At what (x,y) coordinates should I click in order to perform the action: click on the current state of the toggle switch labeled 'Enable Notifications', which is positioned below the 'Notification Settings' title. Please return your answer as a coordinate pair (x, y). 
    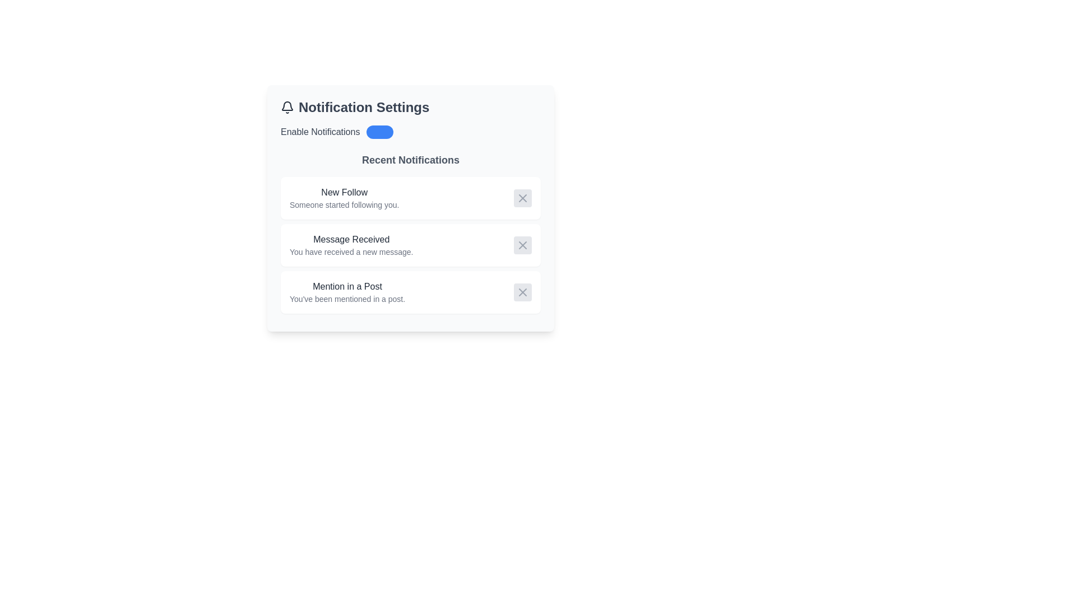
    Looking at the image, I should click on (410, 131).